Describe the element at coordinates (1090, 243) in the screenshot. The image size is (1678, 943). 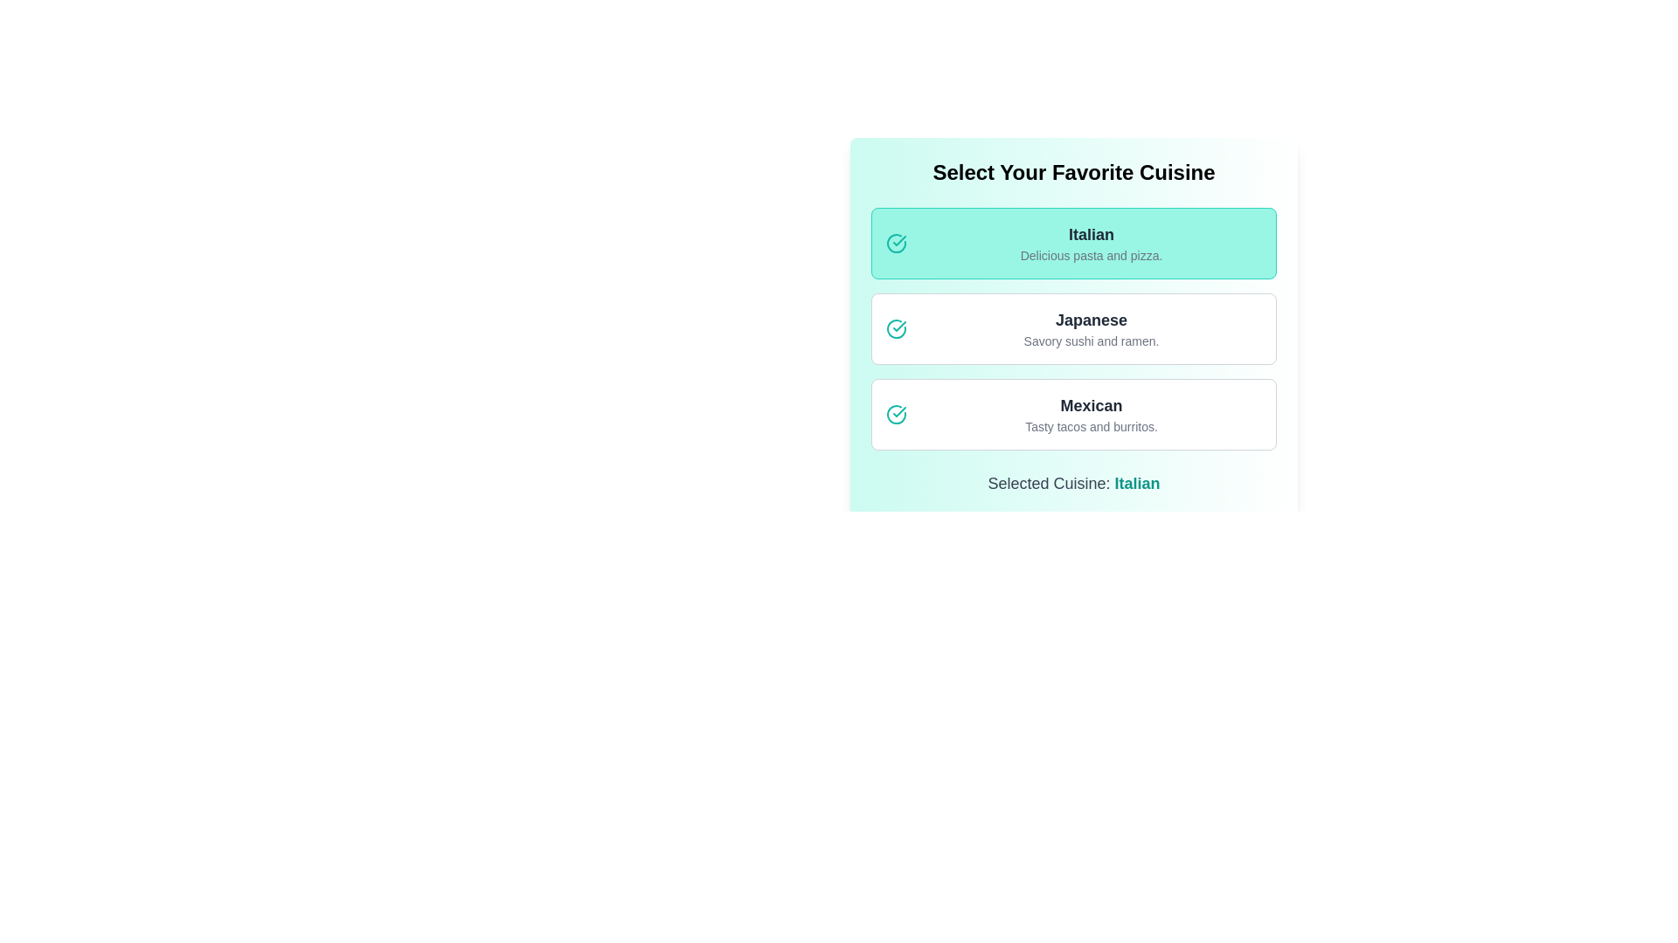
I see `to select the cuisine type displayed as 'Italian' in bold text at the top of the list of selectable choices` at that location.